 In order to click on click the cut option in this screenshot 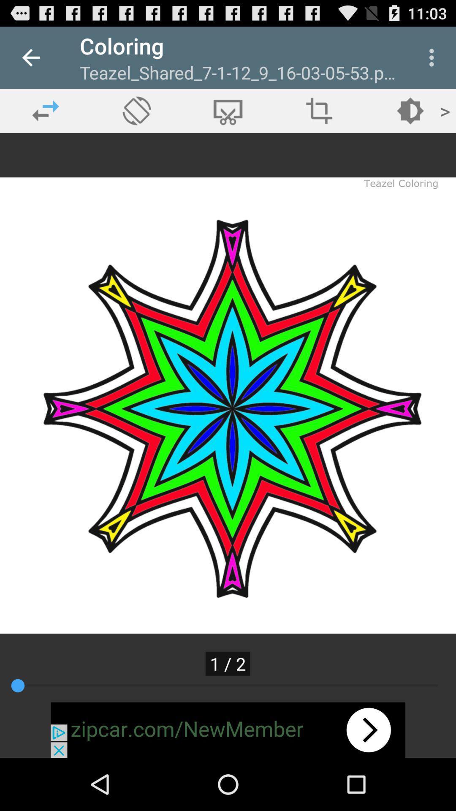, I will do `click(228, 110)`.